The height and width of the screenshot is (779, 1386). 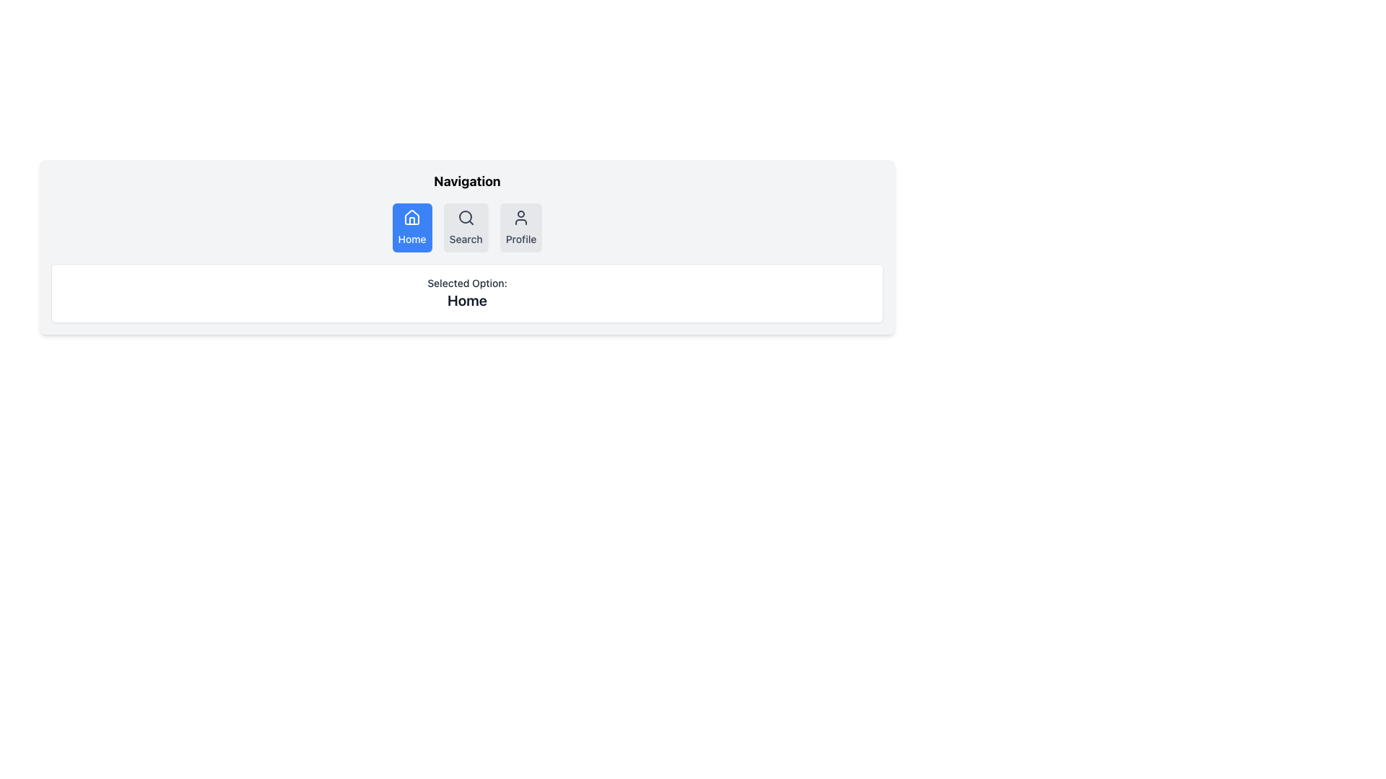 I want to click on the circular part of the magnifying glass in the search icon located in the navigation bar, so click(x=465, y=216).